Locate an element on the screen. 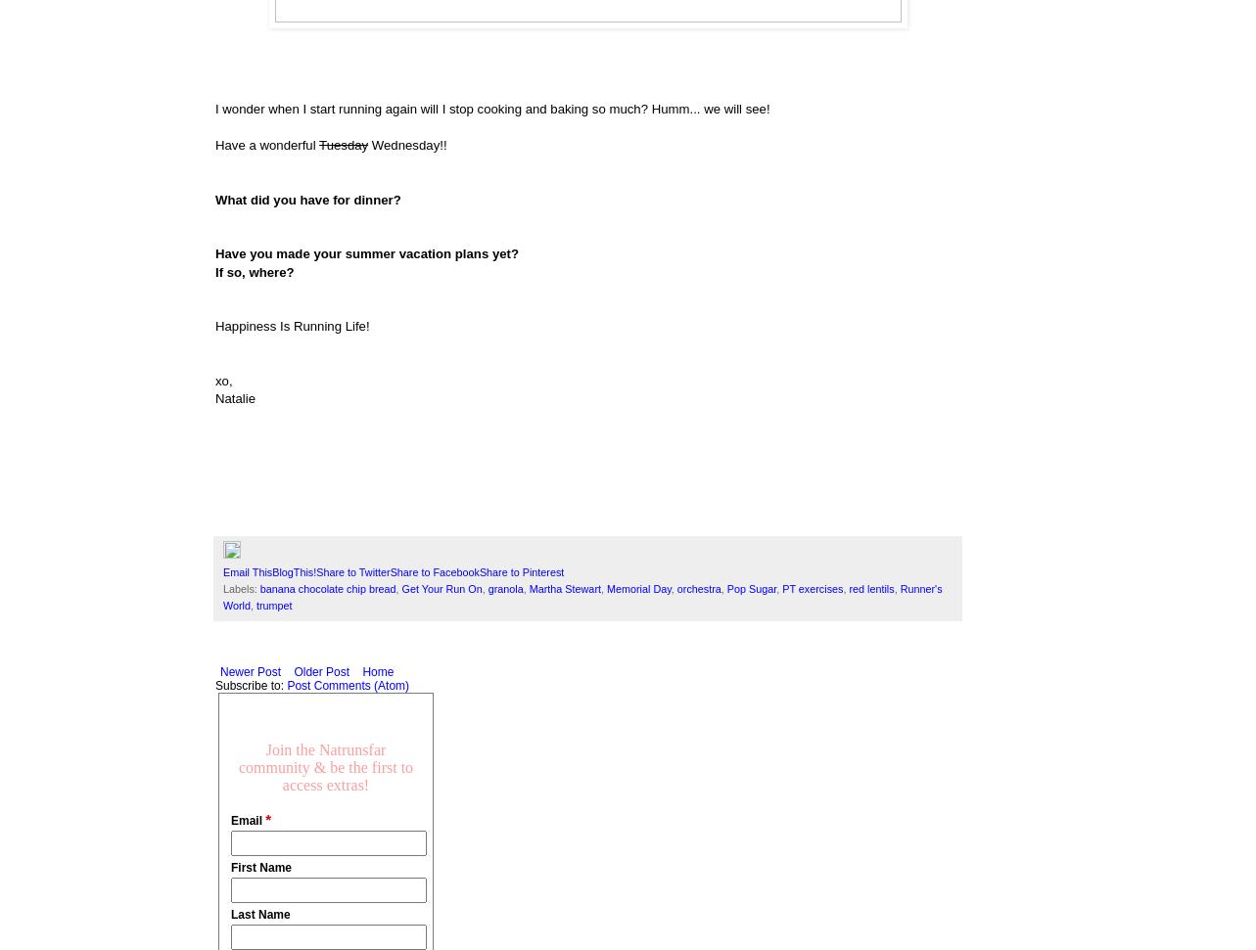 This screenshot has height=950, width=1256. 'granola' is located at coordinates (505, 588).